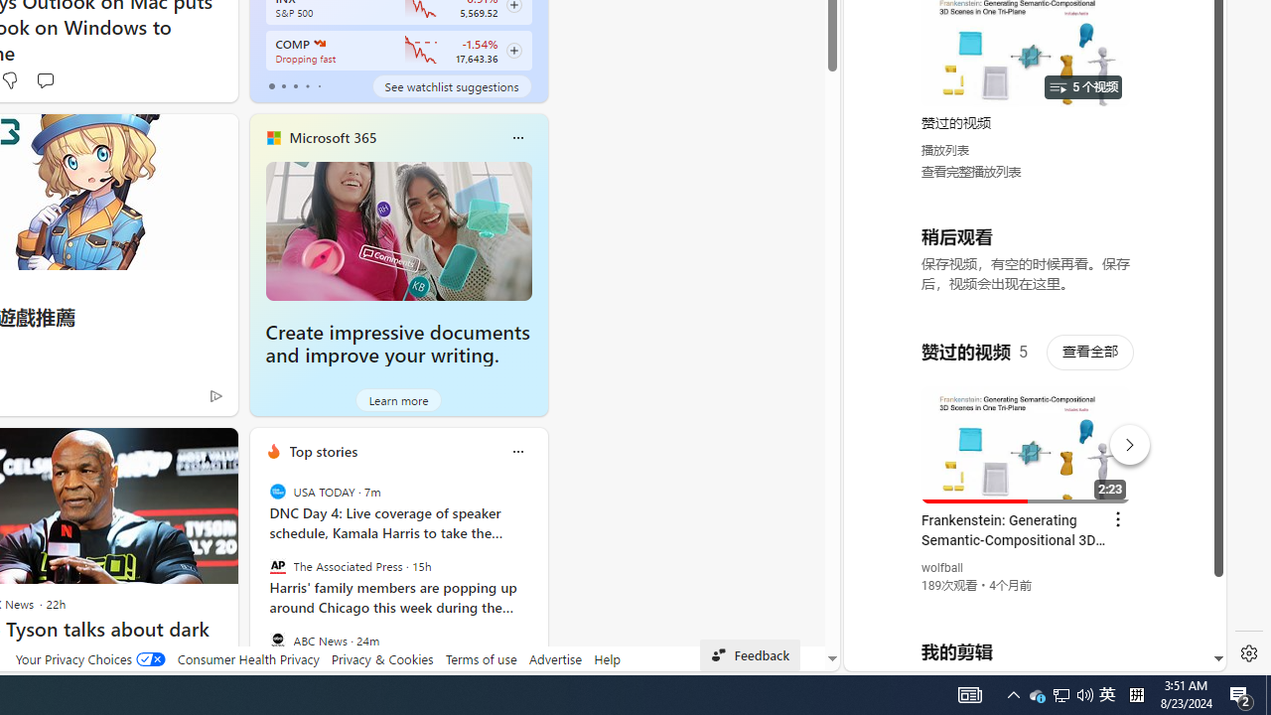 Image resolution: width=1271 pixels, height=715 pixels. What do you see at coordinates (282, 85) in the screenshot?
I see `'tab-1'` at bounding box center [282, 85].